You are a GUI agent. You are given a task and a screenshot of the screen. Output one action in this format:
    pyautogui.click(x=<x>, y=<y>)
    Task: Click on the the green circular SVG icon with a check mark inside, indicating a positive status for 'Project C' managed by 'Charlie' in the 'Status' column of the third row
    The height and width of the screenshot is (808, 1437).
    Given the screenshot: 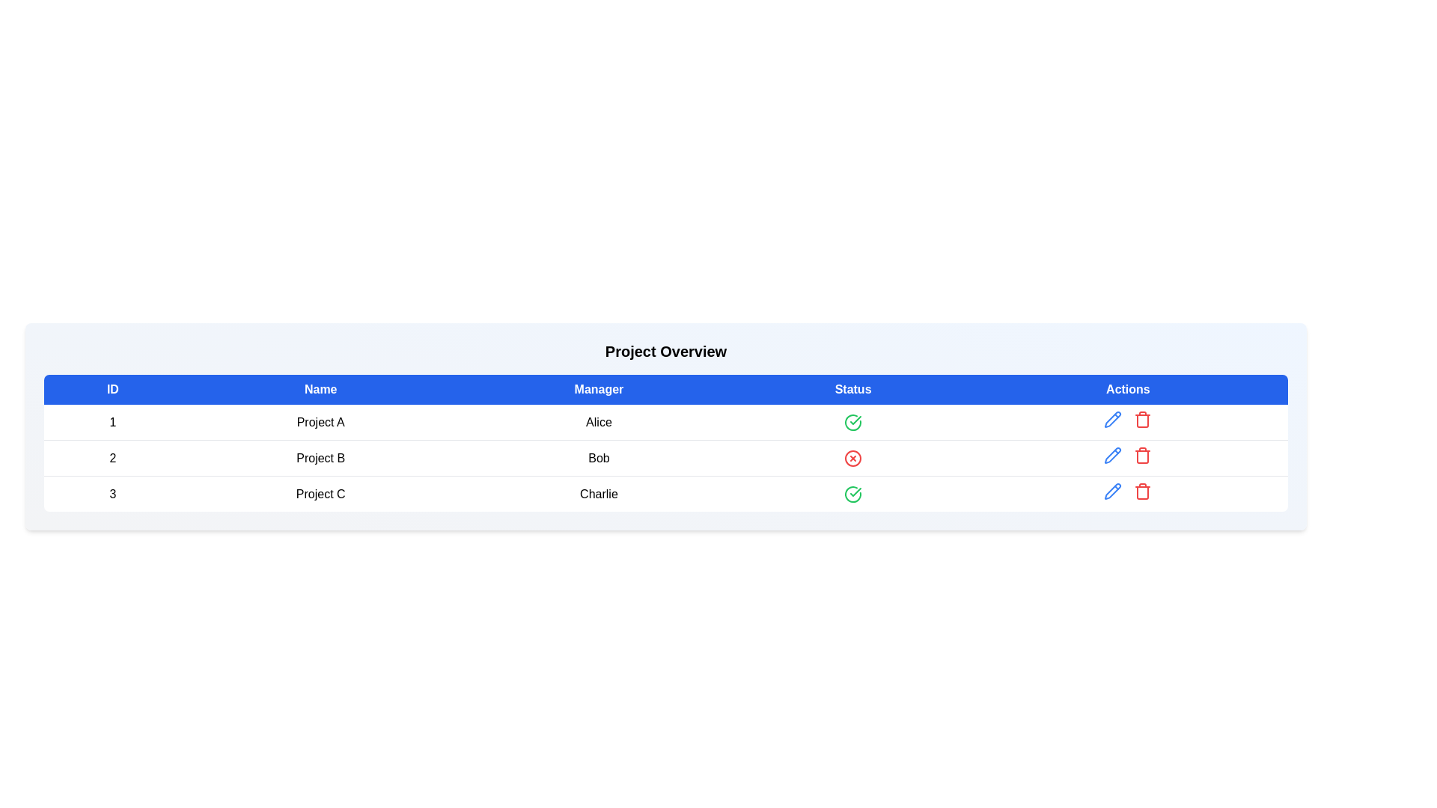 What is the action you would take?
    pyautogui.click(x=853, y=494)
    